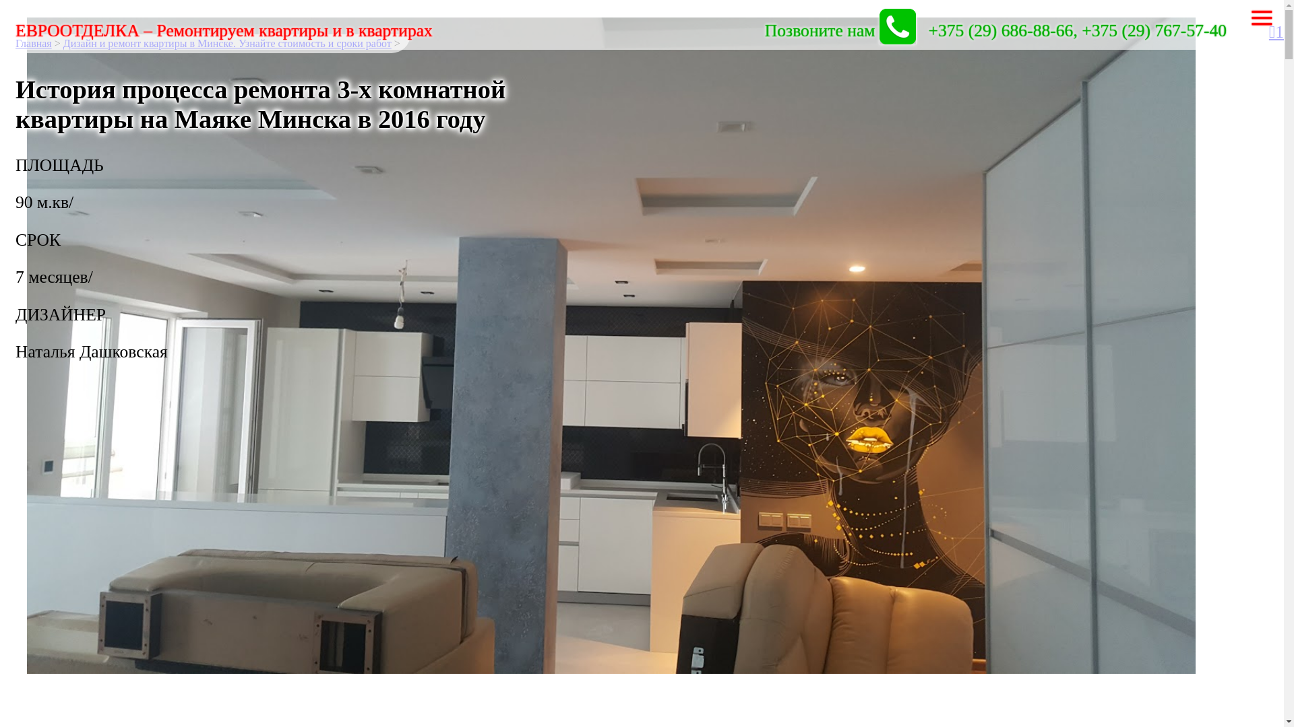  Describe the element at coordinates (1001, 30) in the screenshot. I see `'+375 (29) 686-88-66'` at that location.